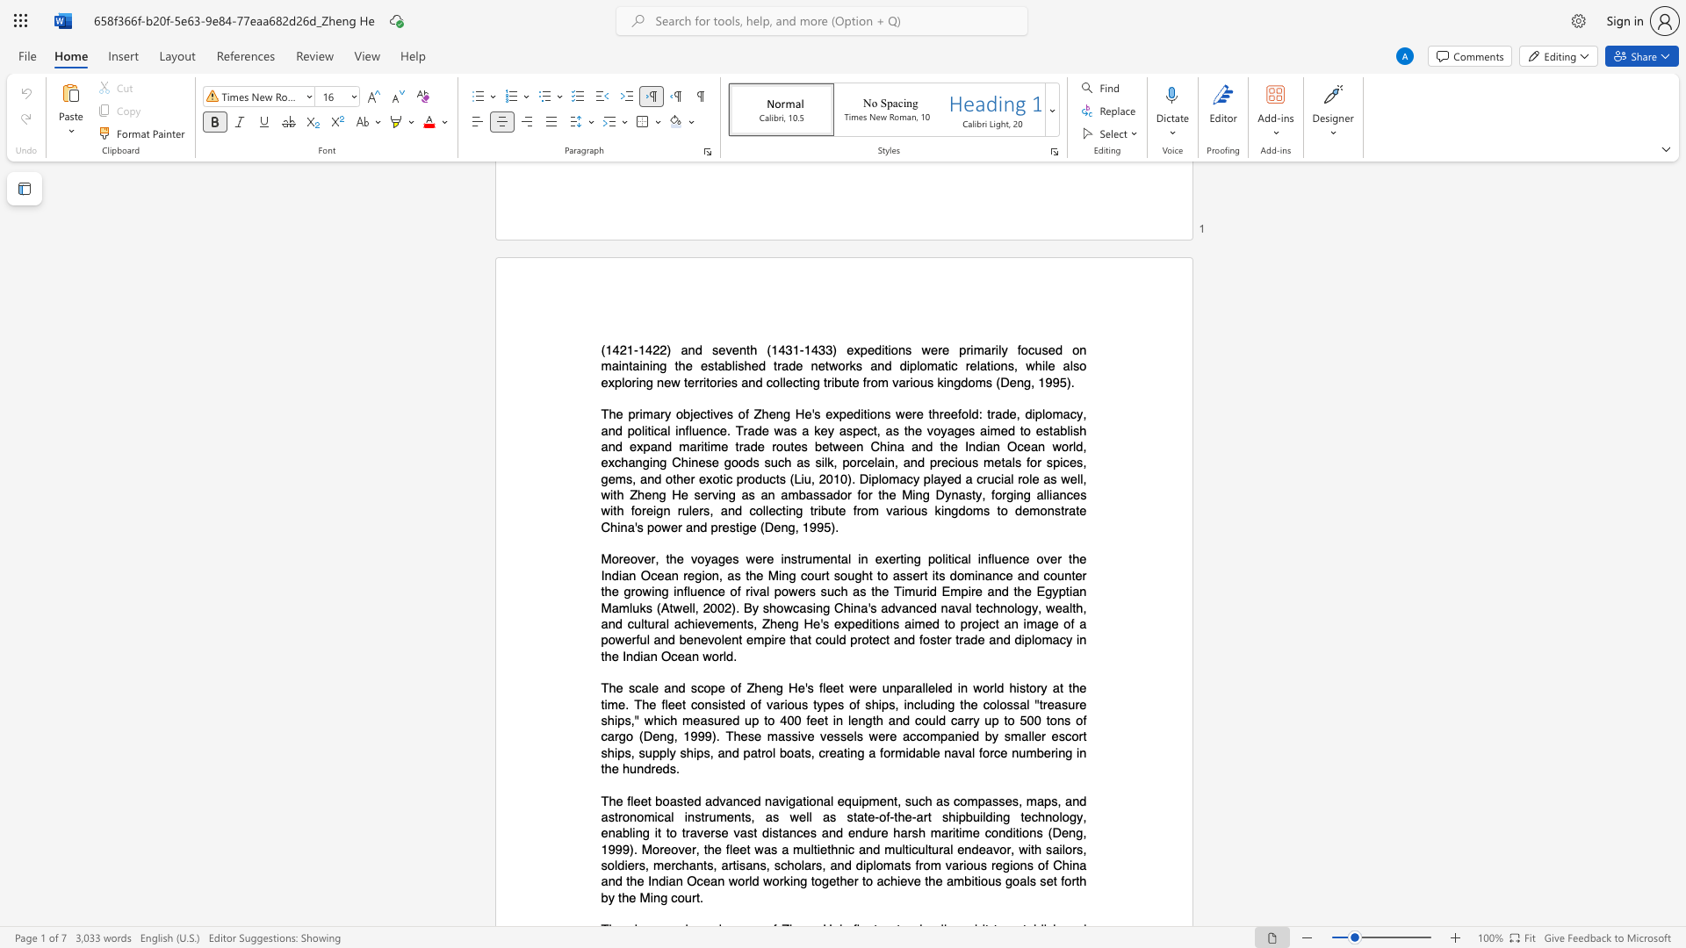  What do you see at coordinates (963, 751) in the screenshot?
I see `the subset text "al force numbering in the hund" within the text "of ships, including the colossal"` at bounding box center [963, 751].